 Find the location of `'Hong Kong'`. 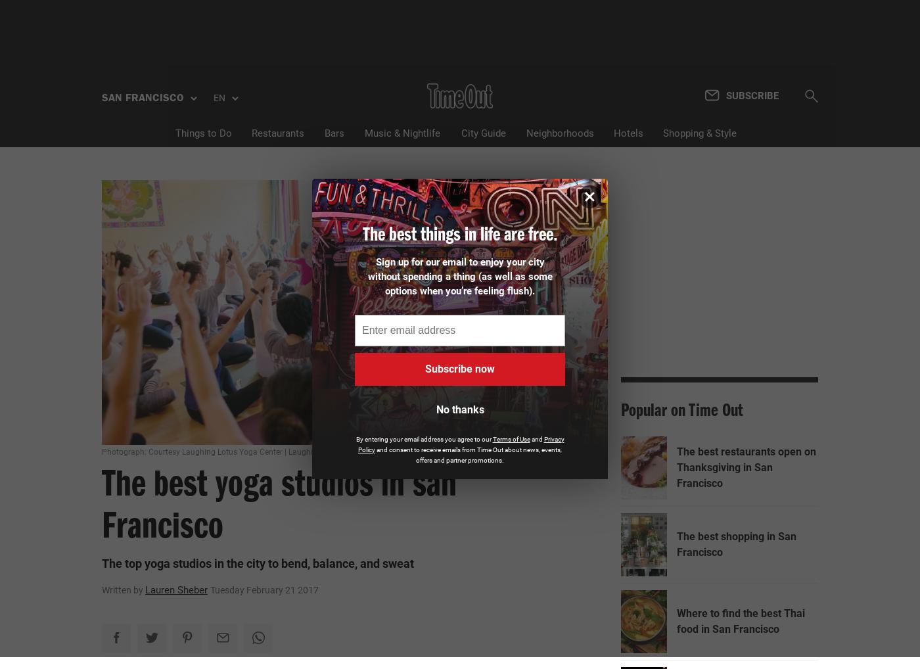

'Hong Kong' is located at coordinates (147, 279).